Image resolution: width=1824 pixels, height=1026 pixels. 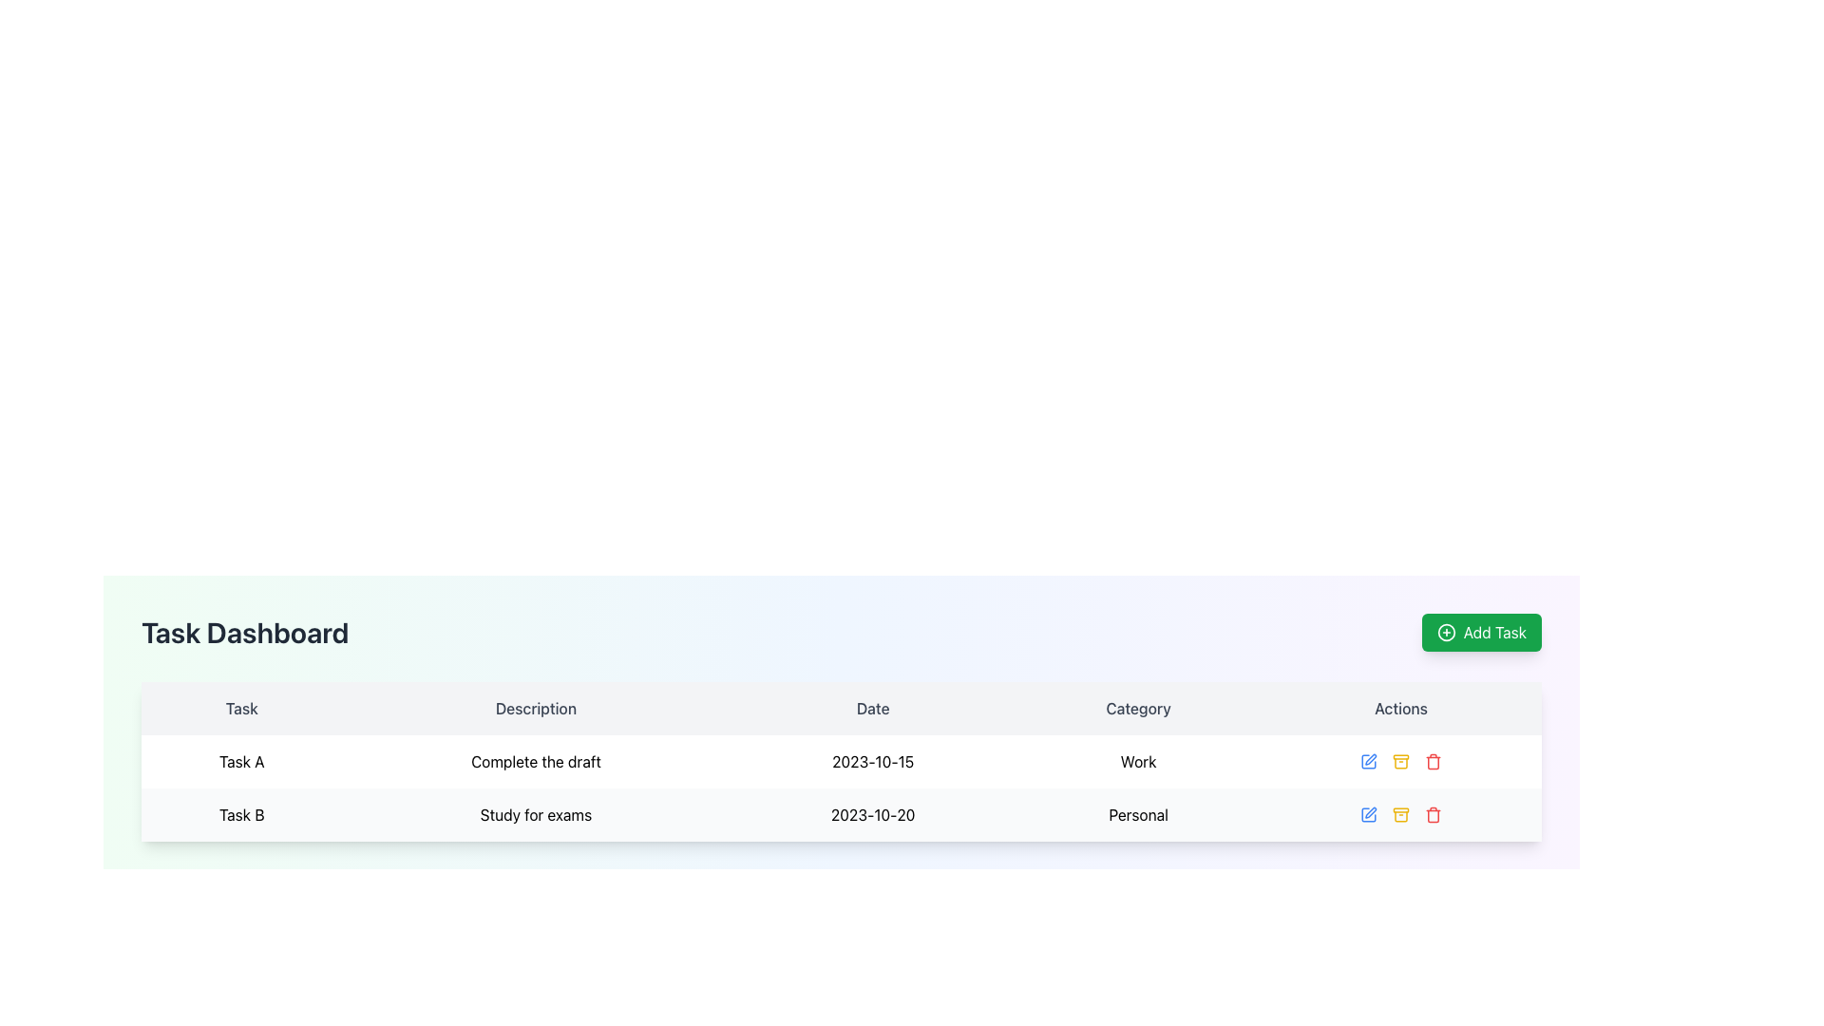 I want to click on the archive icon in the Actions column for Task A, so click(x=1401, y=761).